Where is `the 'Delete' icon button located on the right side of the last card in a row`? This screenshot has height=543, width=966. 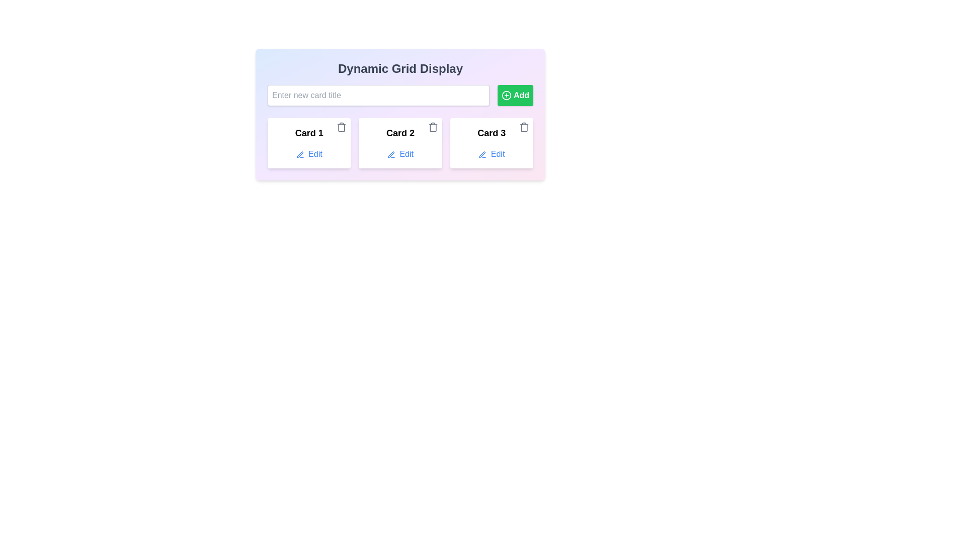 the 'Delete' icon button located on the right side of the last card in a row is located at coordinates (523, 127).